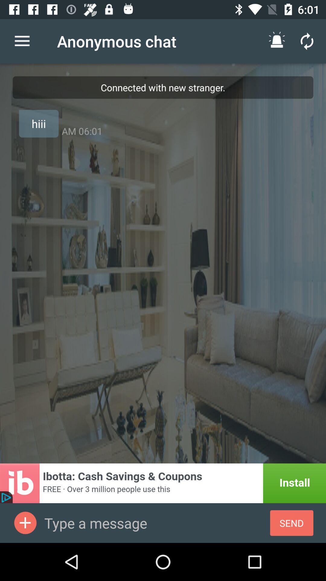 The image size is (326, 581). What do you see at coordinates (25, 523) in the screenshot?
I see `content` at bounding box center [25, 523].